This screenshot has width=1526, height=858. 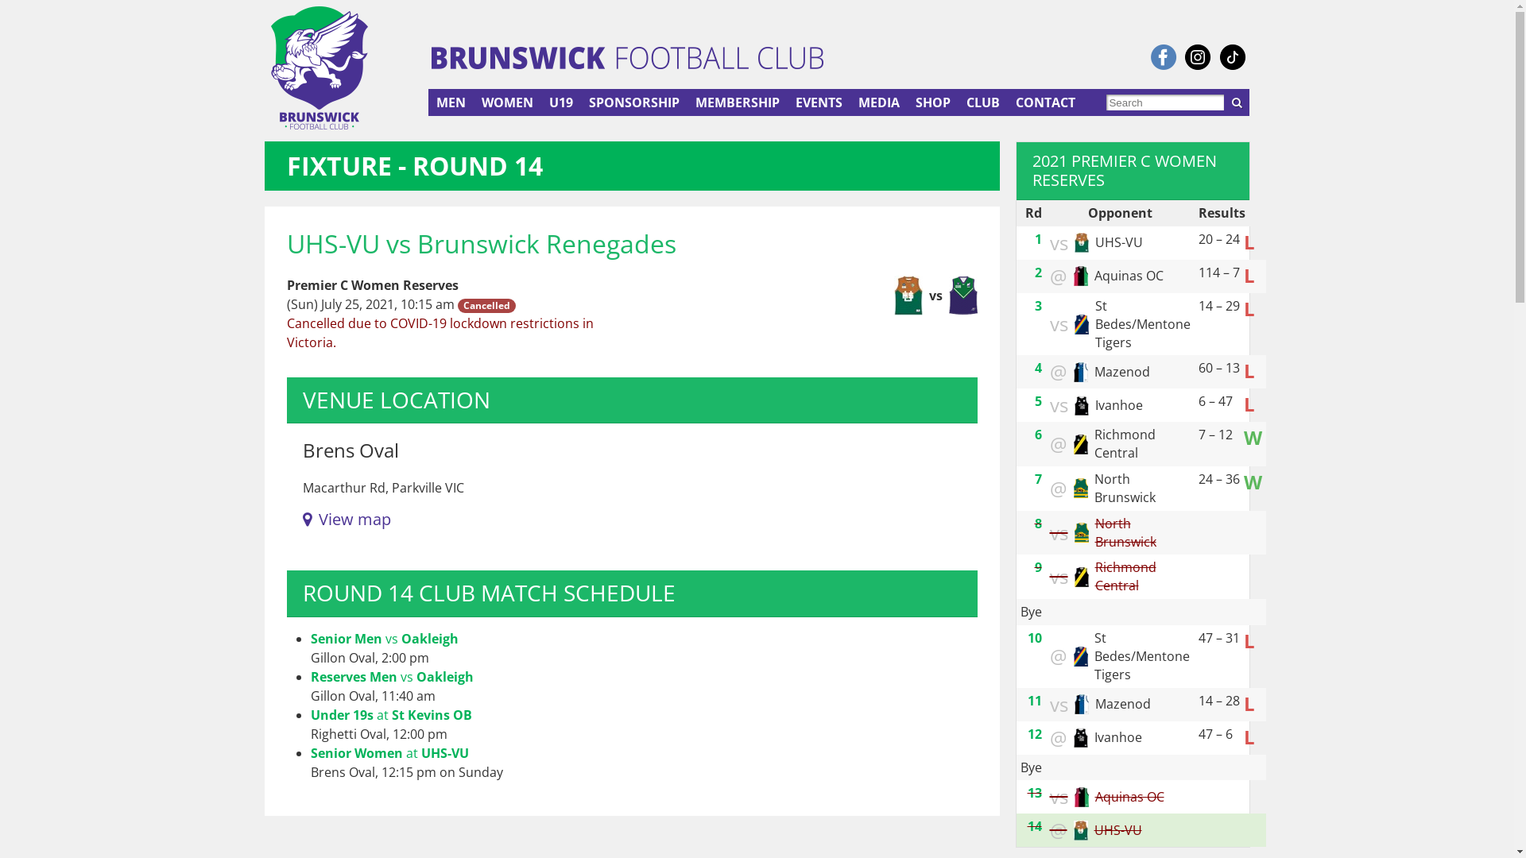 I want to click on '5', so click(x=1038, y=400).